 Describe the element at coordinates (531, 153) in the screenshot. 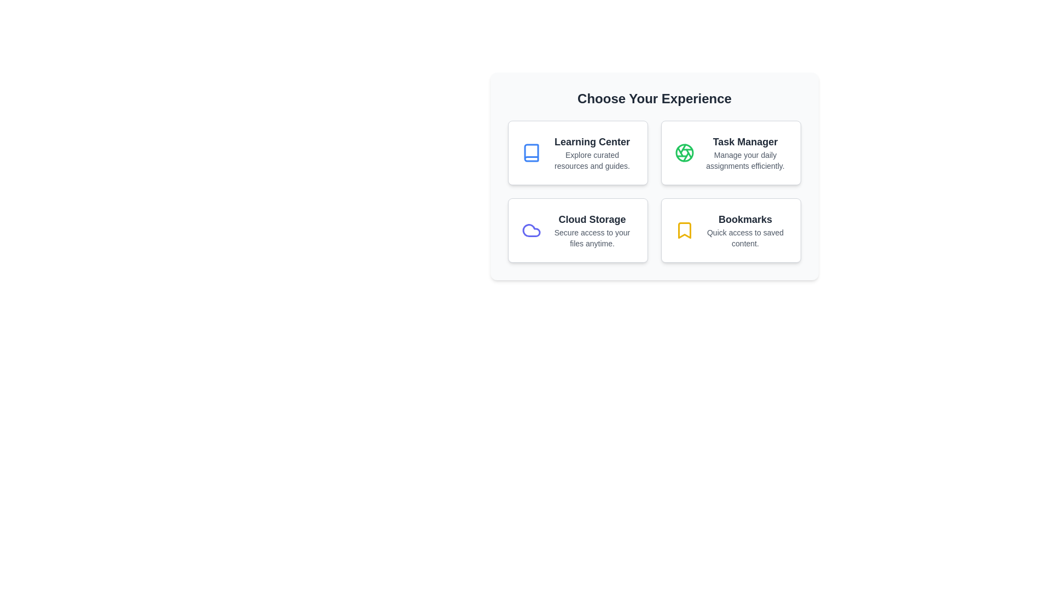

I see `the 'Learning Center' icon located in the upper-left card under 'Choose Your Experience', which is centrally positioned above the text content` at that location.